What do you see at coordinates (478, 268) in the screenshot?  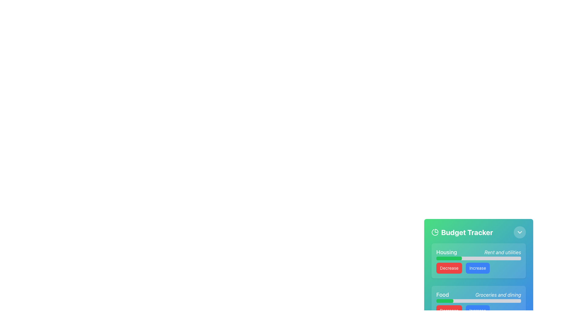 I see `the Button Group for 'Housing'` at bounding box center [478, 268].